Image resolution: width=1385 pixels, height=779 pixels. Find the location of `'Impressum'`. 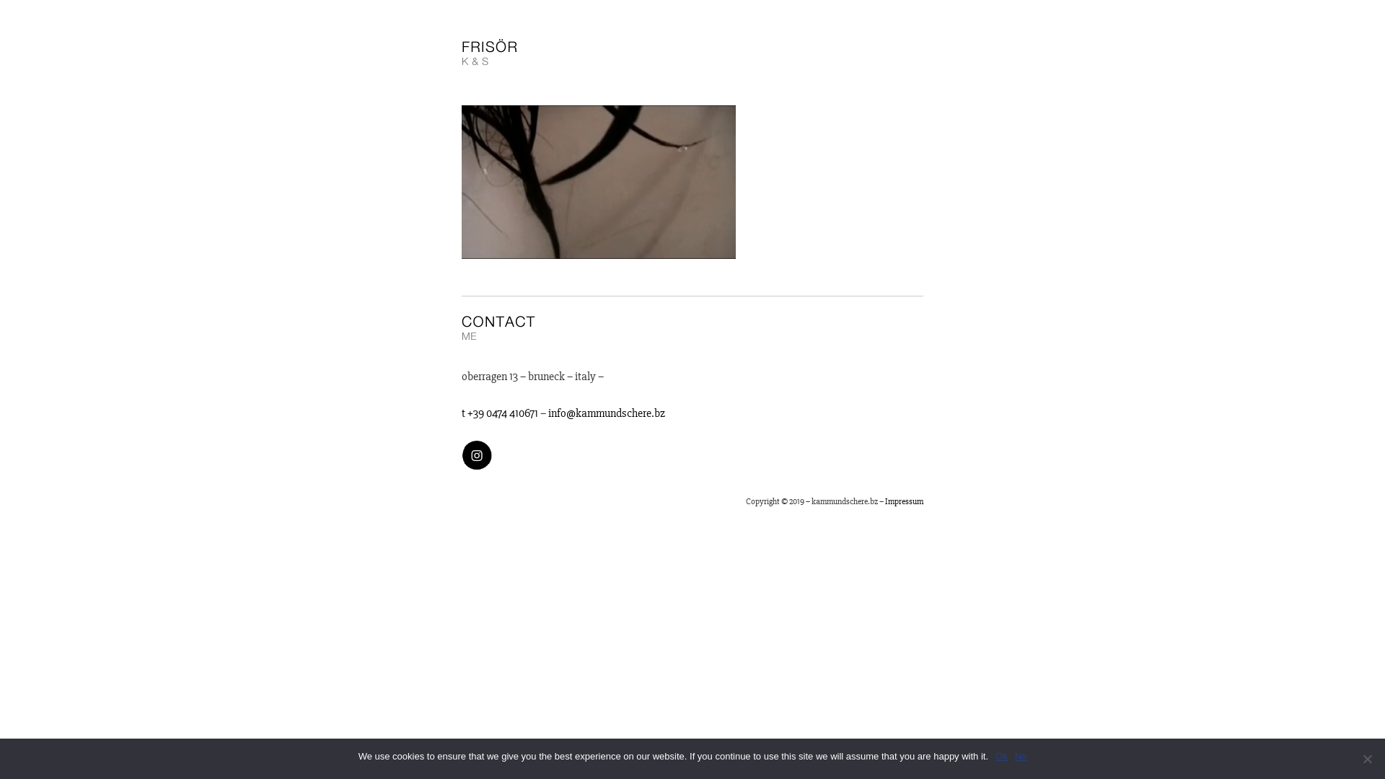

'Impressum' is located at coordinates (903, 501).